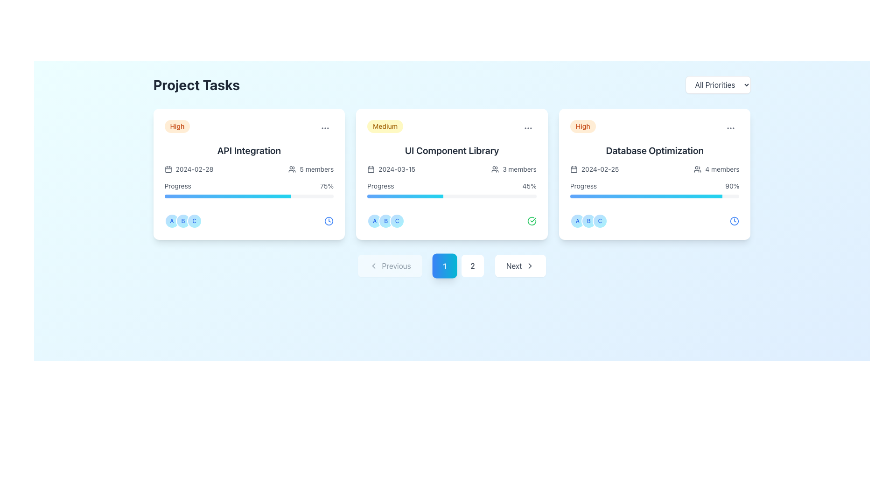 Image resolution: width=896 pixels, height=504 pixels. I want to click on the circular shape of the clock icon in the bottom-right corner of the 'API Integration' card, so click(734, 221).